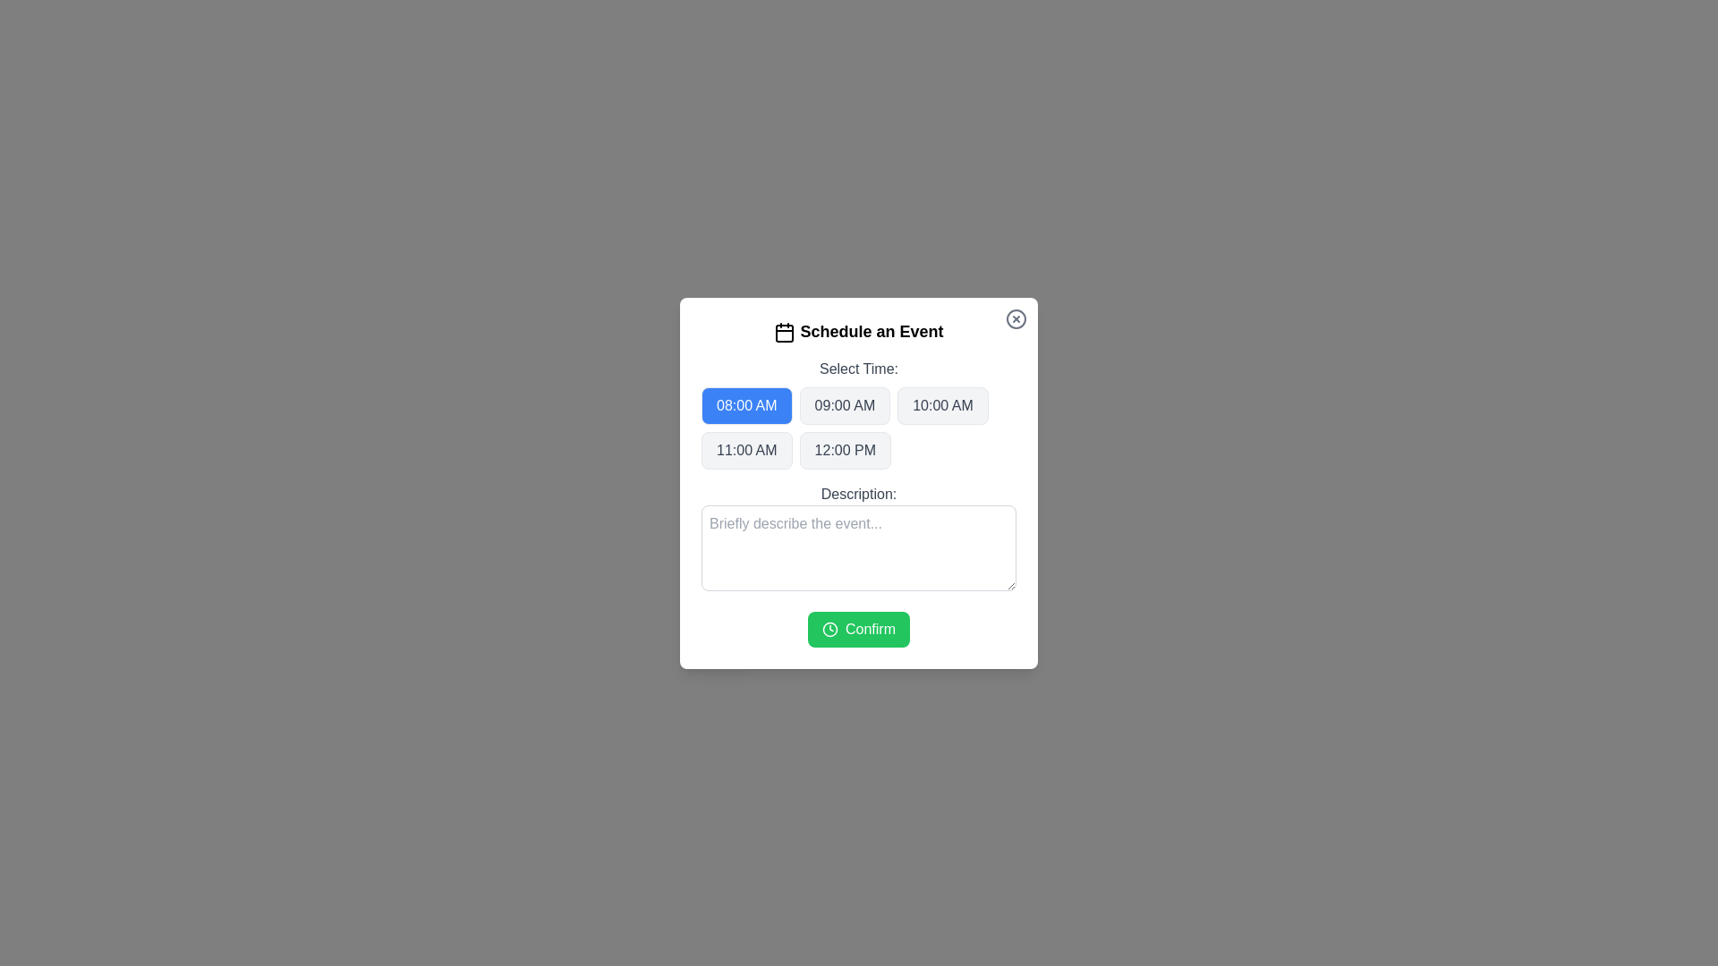  Describe the element at coordinates (829, 628) in the screenshot. I see `the circular outline within the clock icon located before the 'Schedule an Event' heading in the modal interface` at that location.